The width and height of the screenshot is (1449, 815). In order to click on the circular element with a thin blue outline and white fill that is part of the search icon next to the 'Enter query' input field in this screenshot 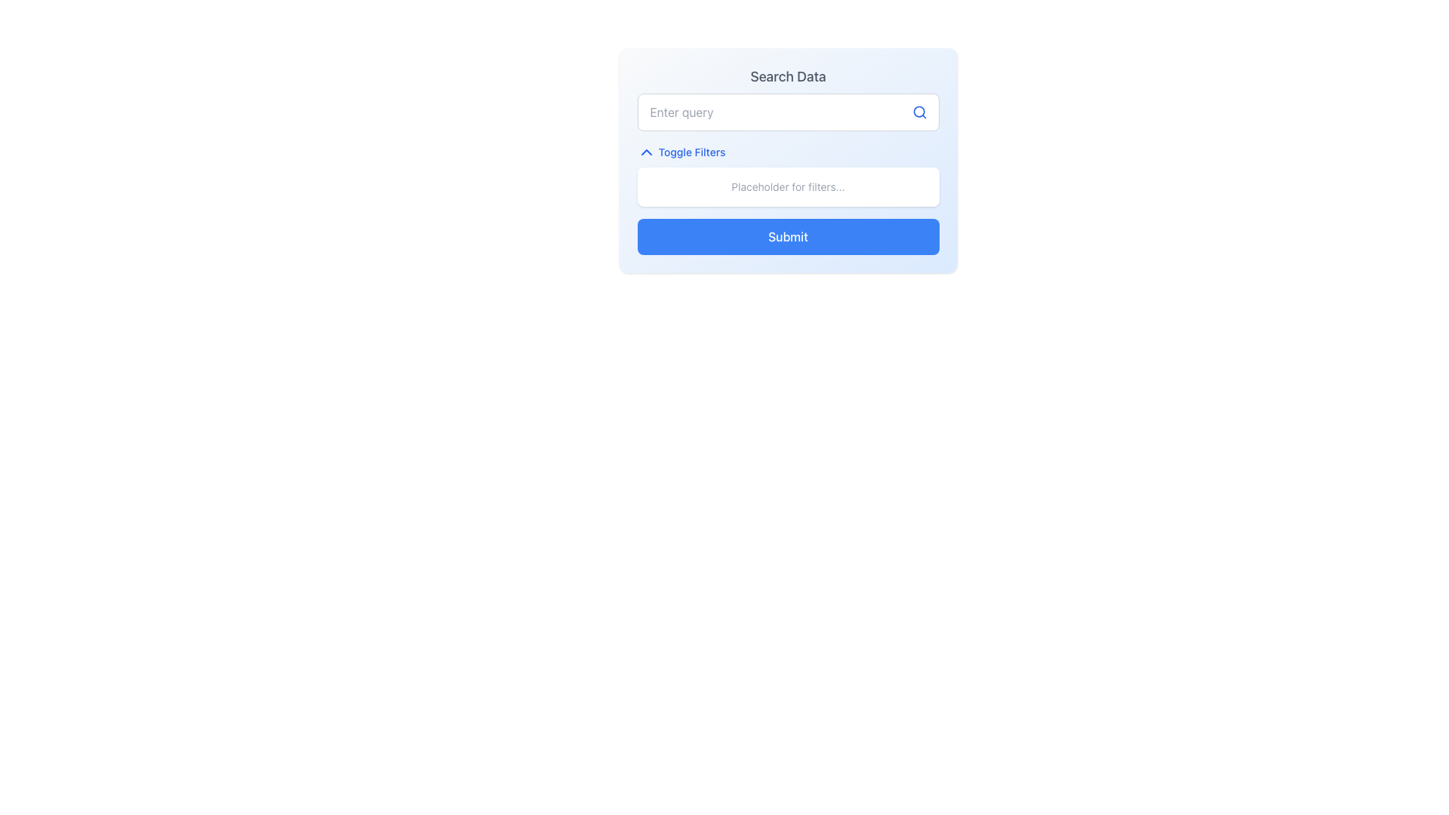, I will do `click(918, 111)`.